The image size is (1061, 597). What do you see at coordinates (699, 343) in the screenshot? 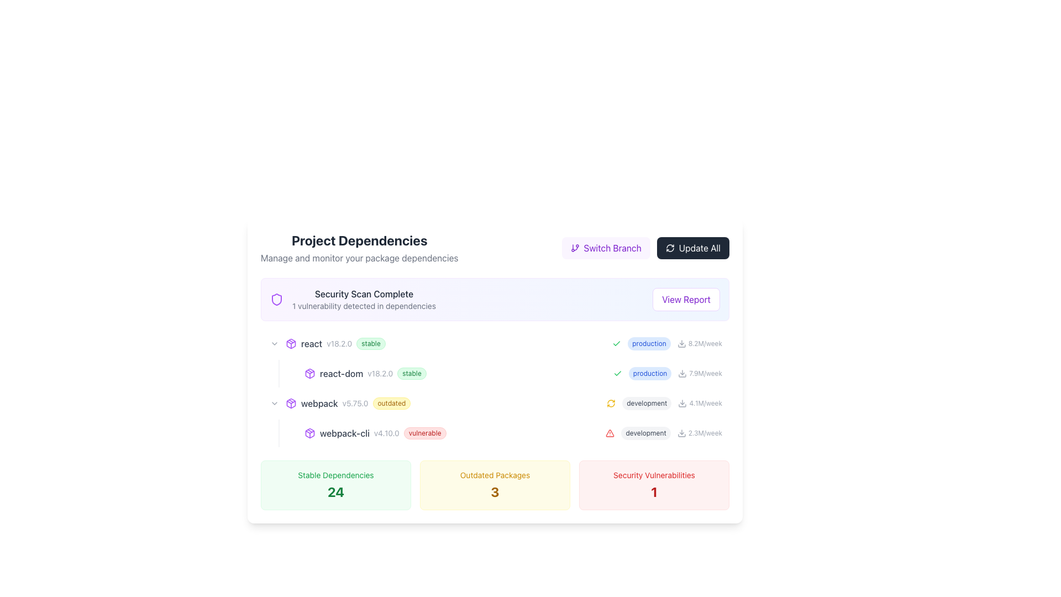
I see `the data display element showing '8.2M/week' with a downward-facing arrow icon, located` at bounding box center [699, 343].